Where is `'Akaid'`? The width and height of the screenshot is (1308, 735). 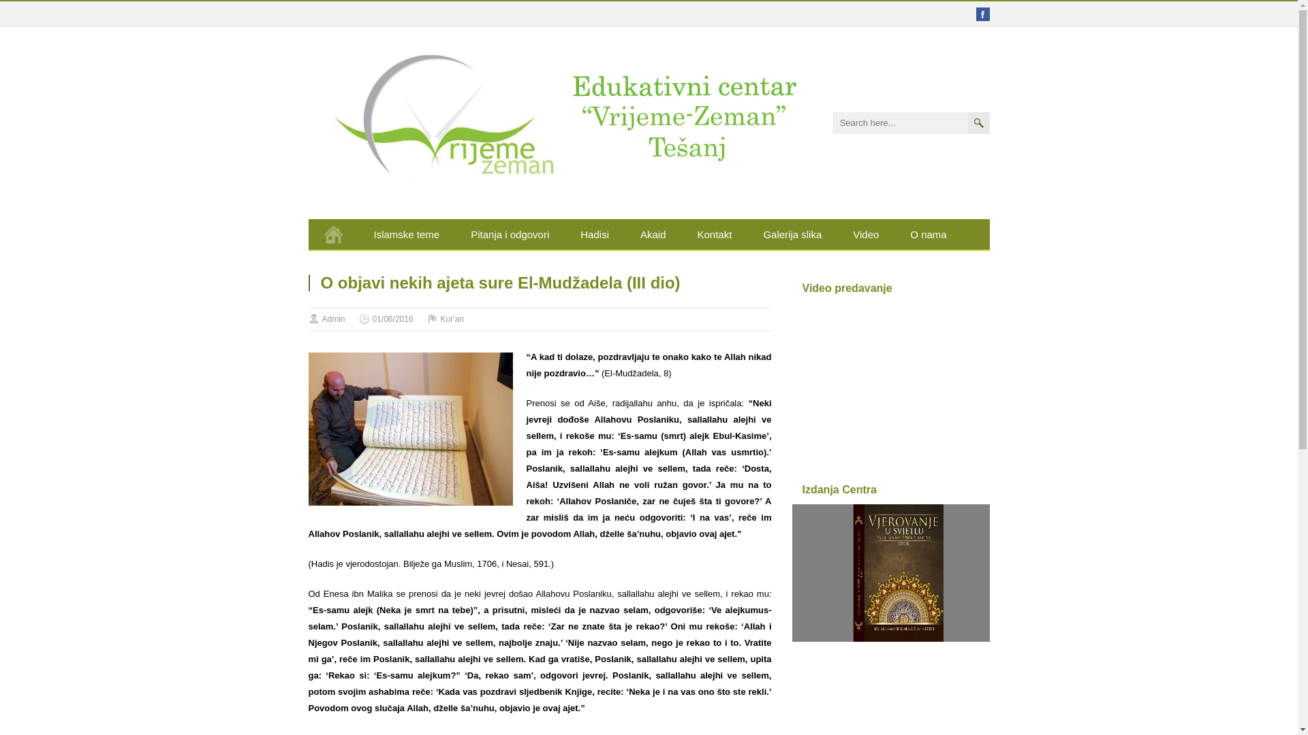
'Akaid' is located at coordinates (623, 233).